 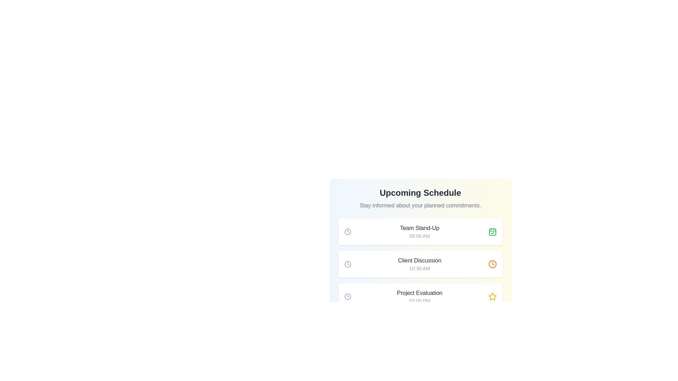 I want to click on the static text label 'Project Evaluation', so click(x=420, y=293).